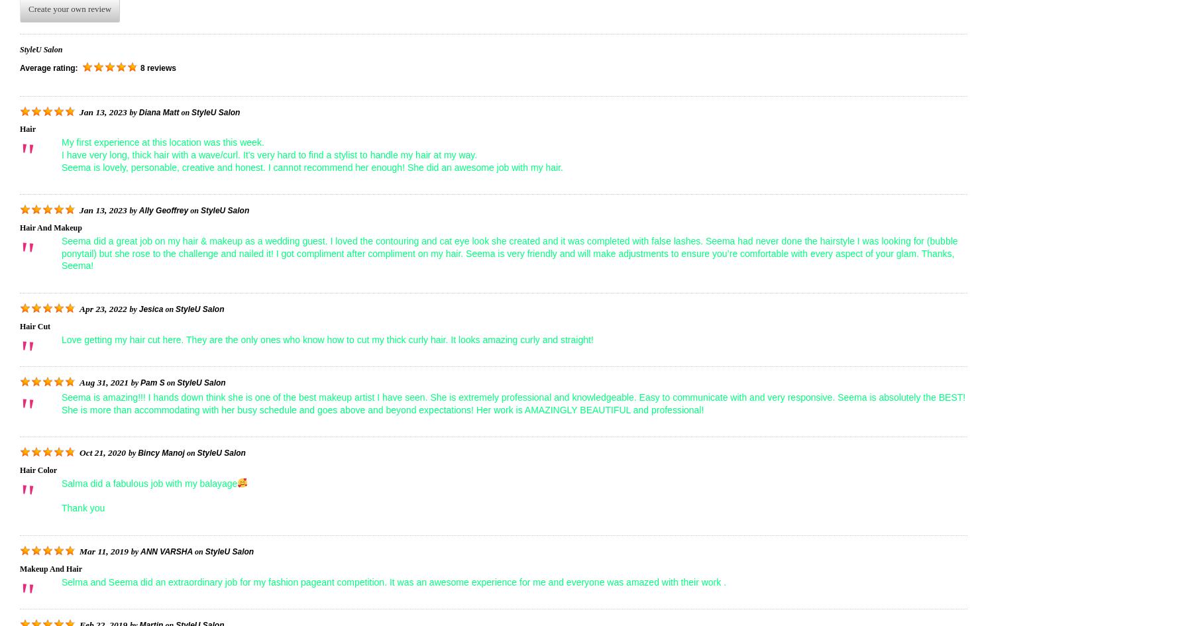 Image resolution: width=1196 pixels, height=626 pixels. What do you see at coordinates (103, 382) in the screenshot?
I see `'Aug 31, 2021'` at bounding box center [103, 382].